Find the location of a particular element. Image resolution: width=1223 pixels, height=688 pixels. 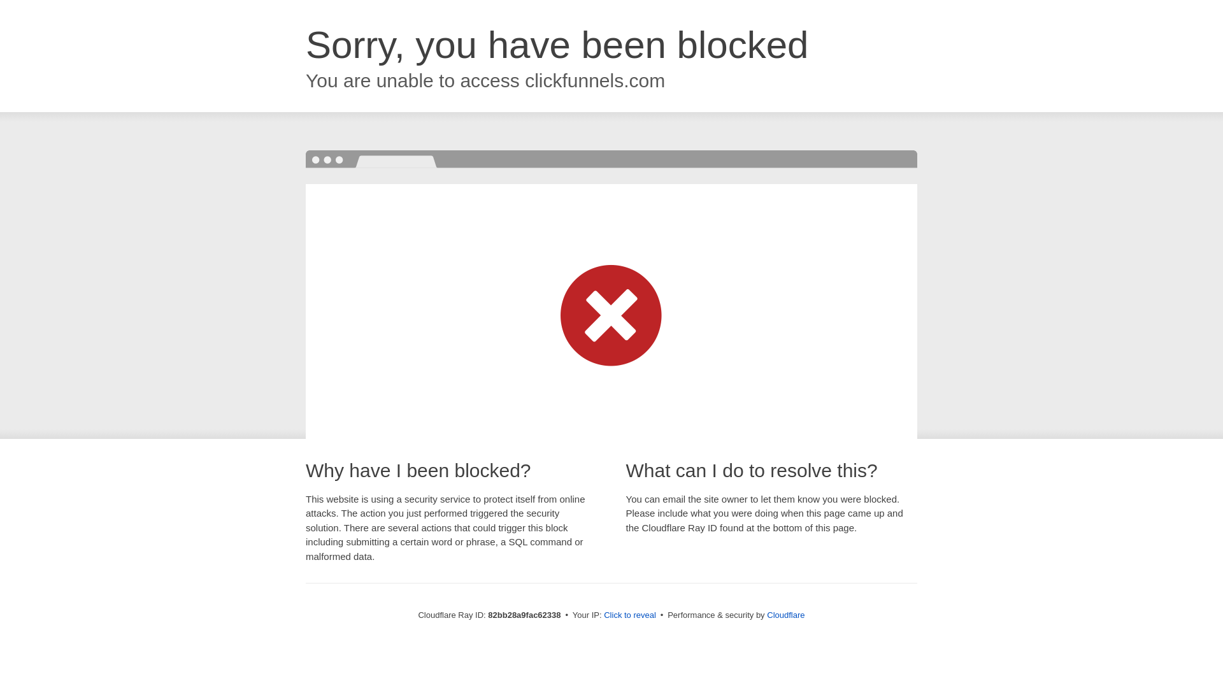

'Click to reveal' is located at coordinates (629, 614).